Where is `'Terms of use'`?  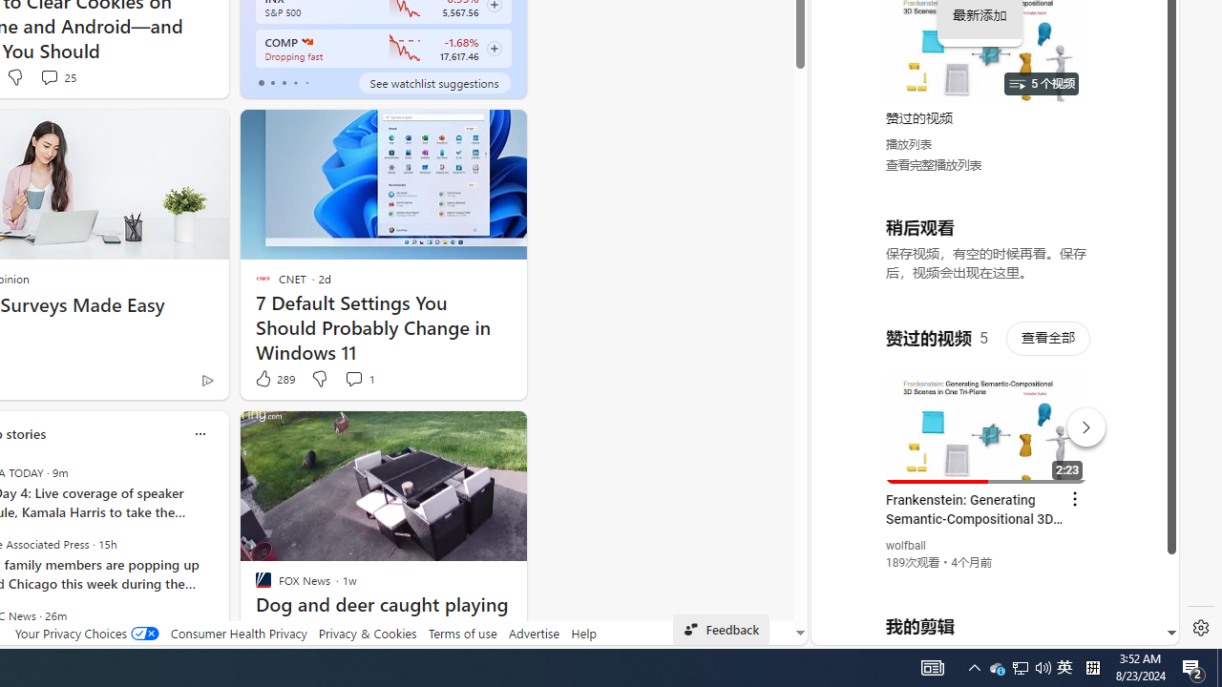 'Terms of use' is located at coordinates (462, 633).